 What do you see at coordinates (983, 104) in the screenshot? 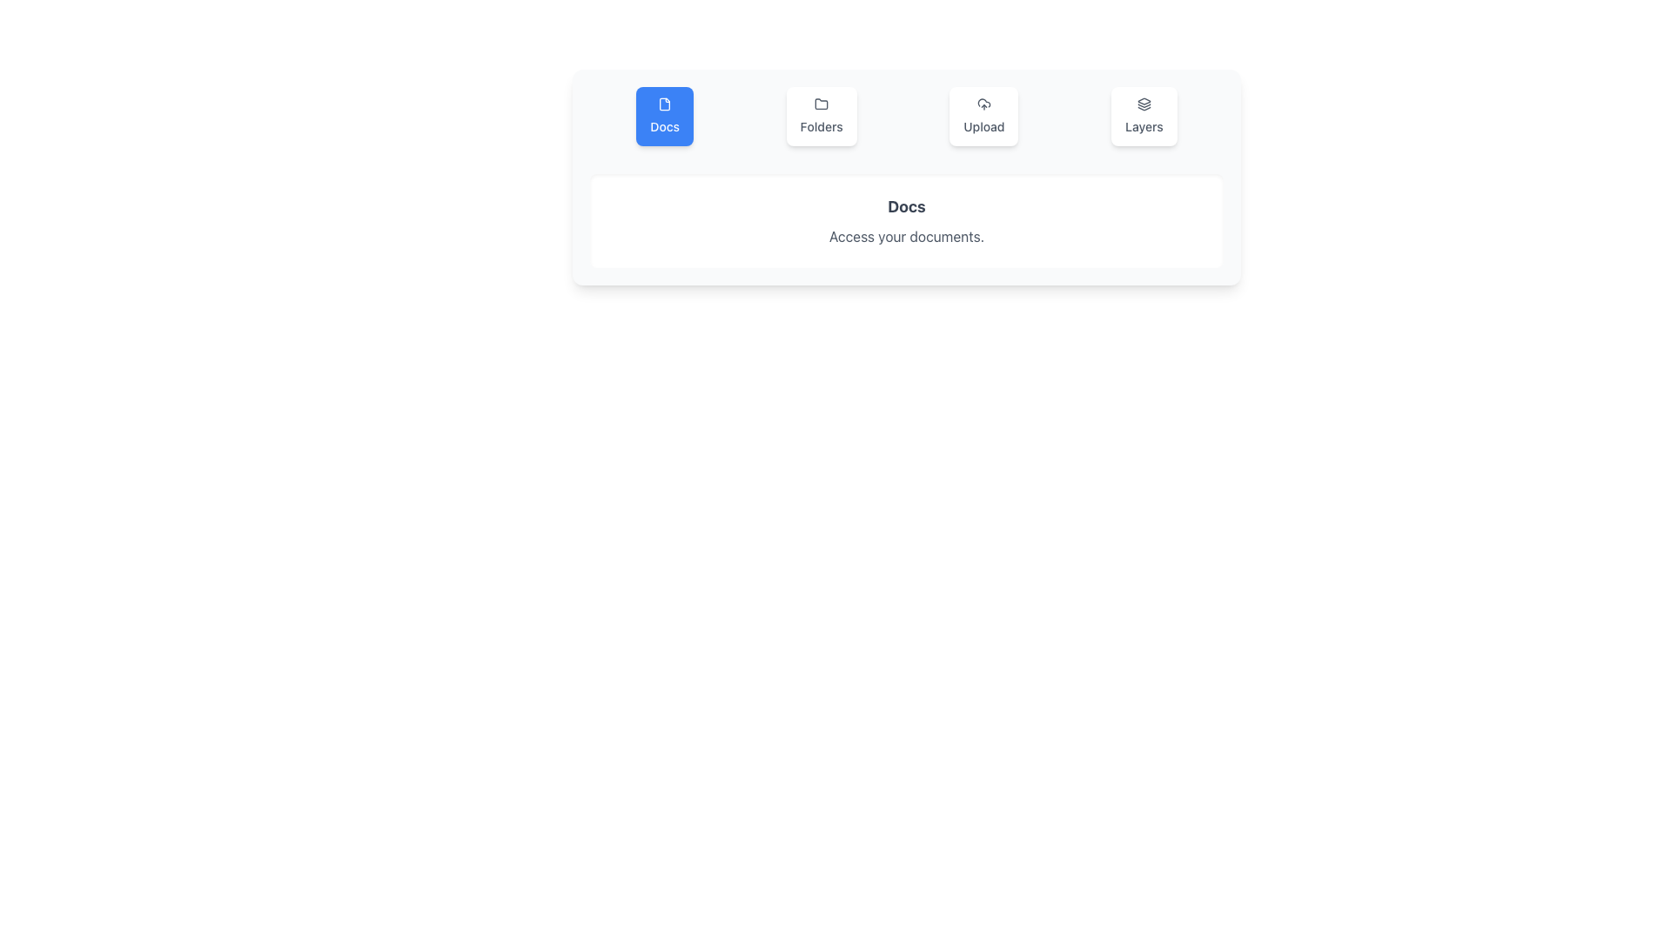
I see `the outlined cloud icon with an upward arrow, which is part of the 'Upload' button located at the top central part of the interface` at bounding box center [983, 104].